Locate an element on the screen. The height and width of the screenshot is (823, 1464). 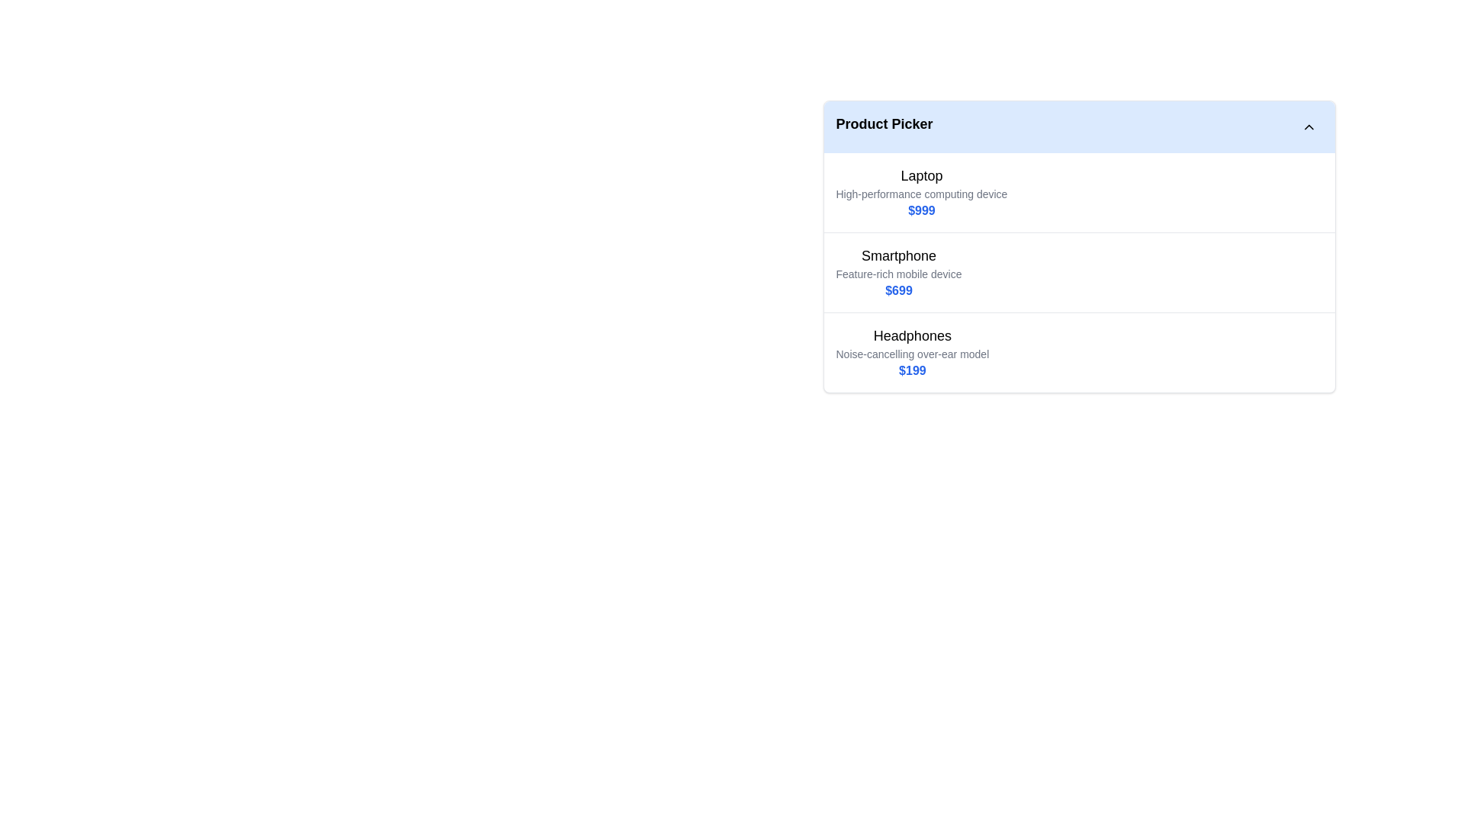
product descriptions and prices from the 'Product Picker' panel, which is a composite UI component with a white background and rounded corners, displaying rows of product details is located at coordinates (1078, 246).